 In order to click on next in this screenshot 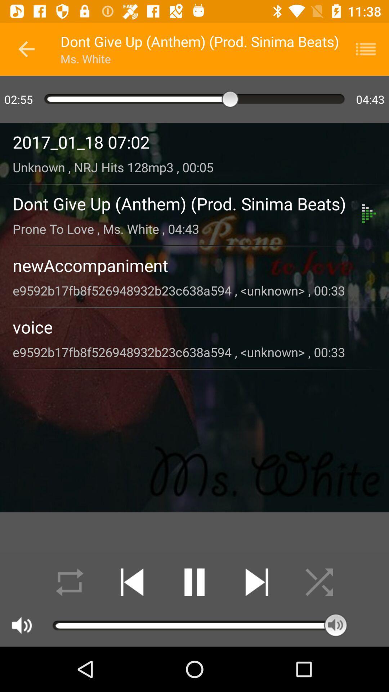, I will do `click(256, 582)`.